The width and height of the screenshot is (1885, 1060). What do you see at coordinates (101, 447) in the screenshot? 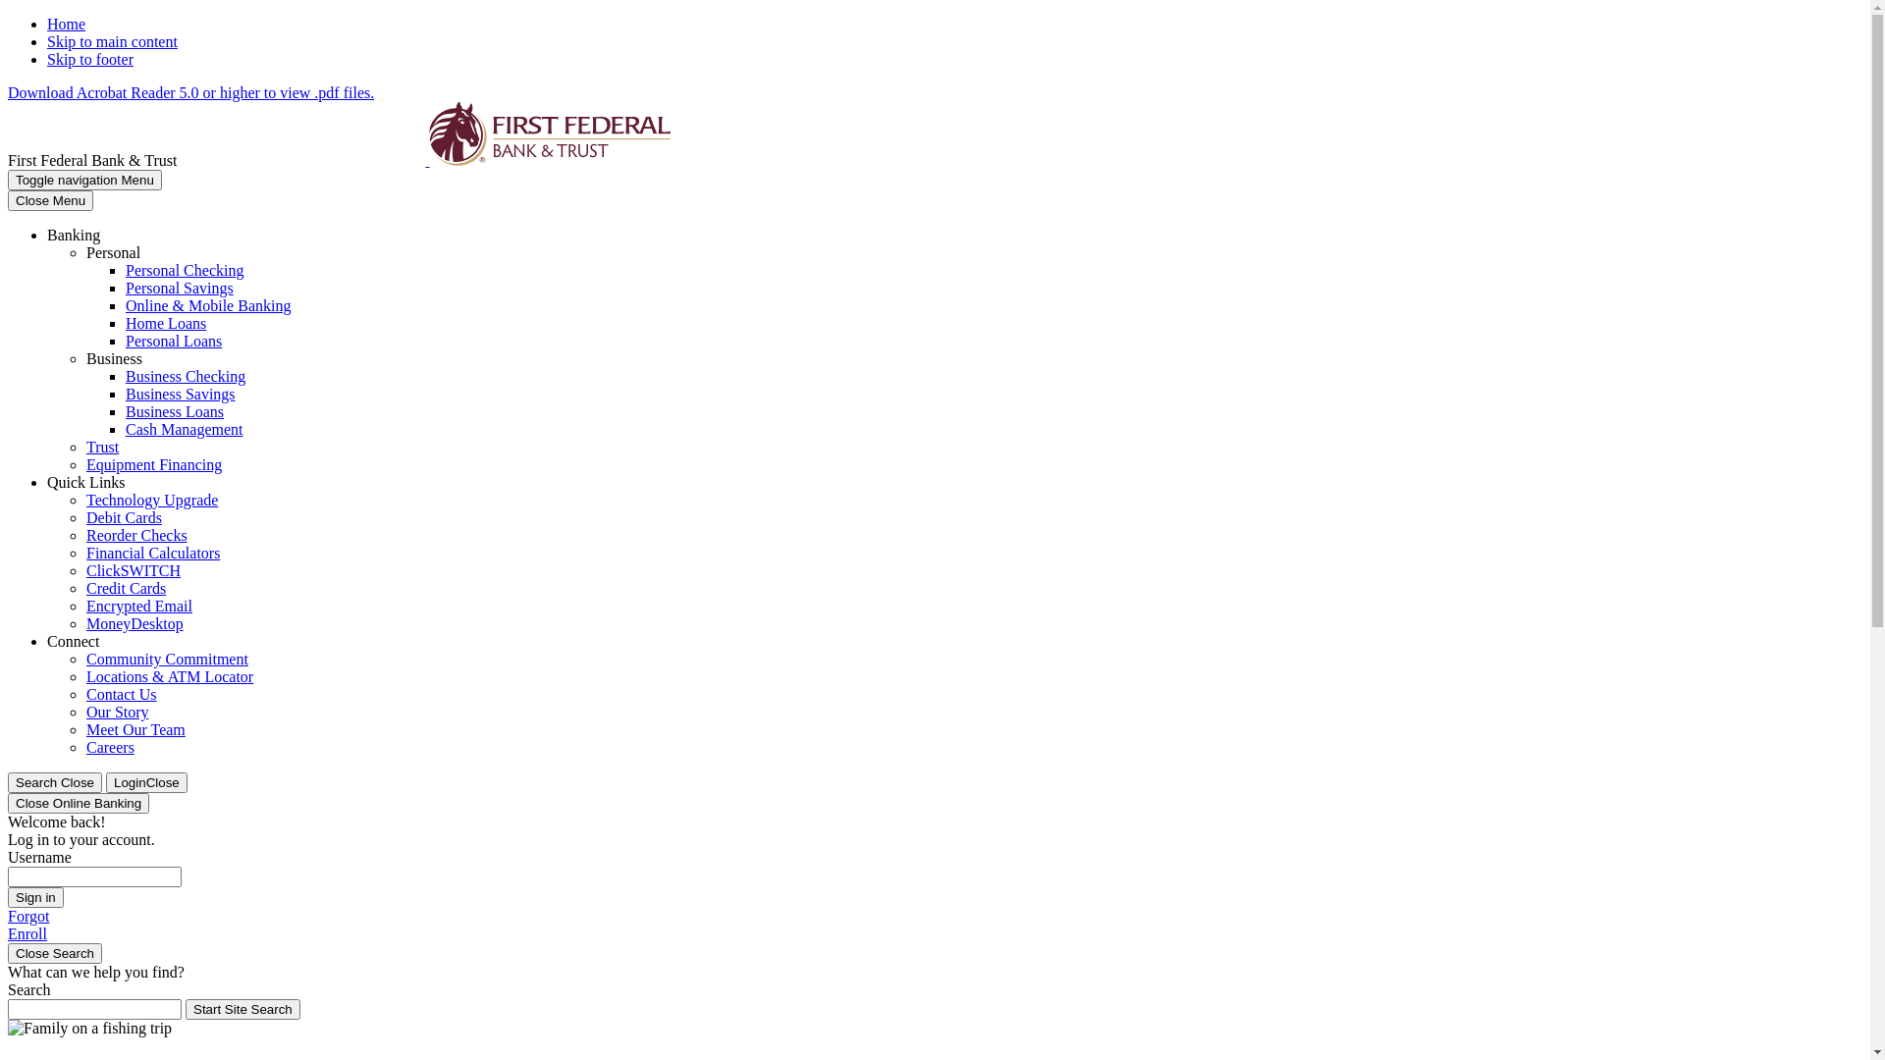
I see `'Trust'` at bounding box center [101, 447].